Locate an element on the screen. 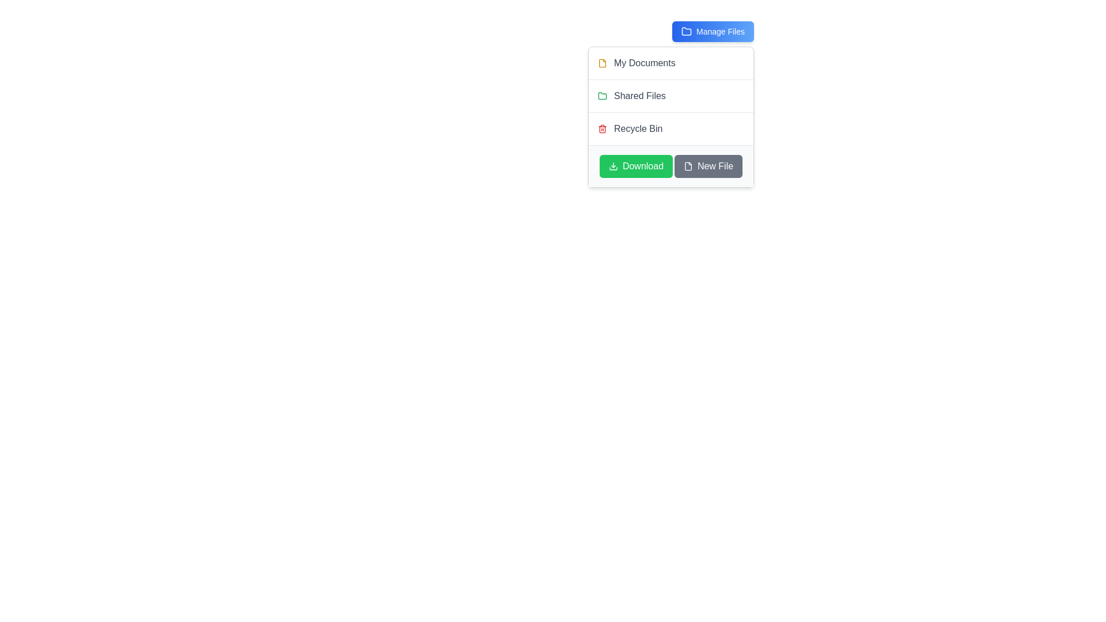 This screenshot has width=1106, height=622. the green folder icon located at the top-left corner of the 'Shared Files' section, which is styled with rounded corners and a clear stroke design is located at coordinates (602, 95).